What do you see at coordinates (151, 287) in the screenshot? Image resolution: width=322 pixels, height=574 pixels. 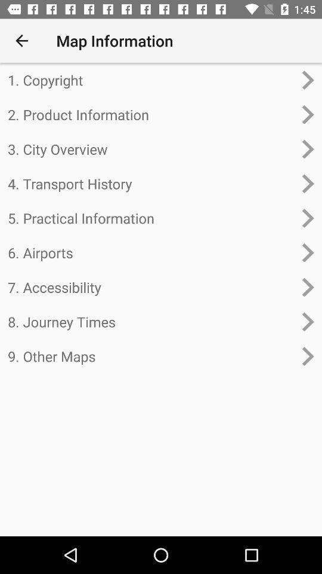 I see `7. accessibility item` at bounding box center [151, 287].